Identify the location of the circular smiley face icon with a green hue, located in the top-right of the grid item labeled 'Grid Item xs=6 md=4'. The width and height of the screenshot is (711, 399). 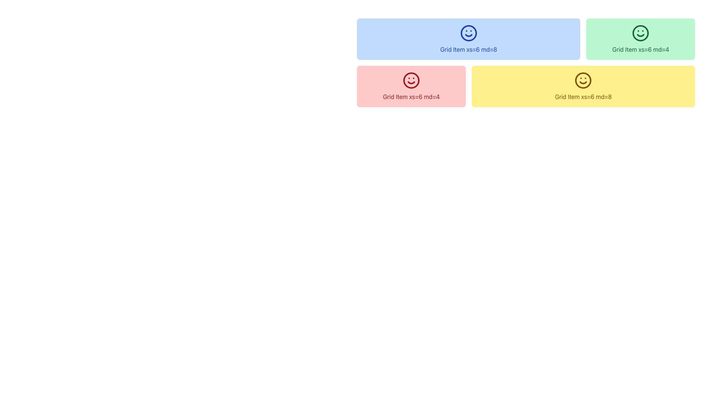
(640, 33).